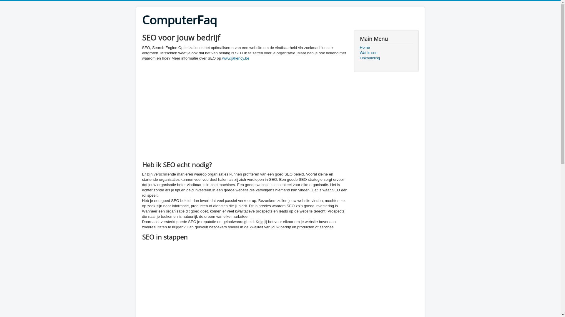  I want to click on 'Wat is seo', so click(386, 53).